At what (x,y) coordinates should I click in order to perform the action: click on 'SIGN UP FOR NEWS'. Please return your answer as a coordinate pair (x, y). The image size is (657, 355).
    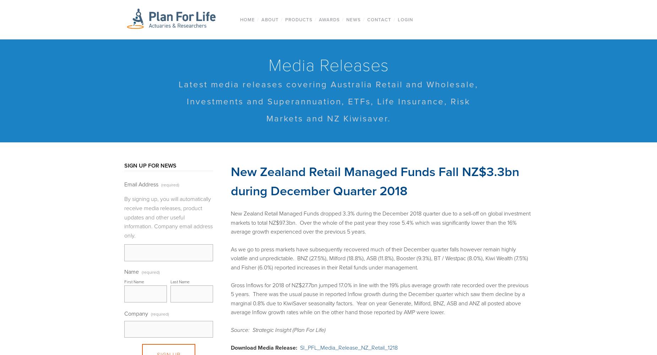
    Looking at the image, I should click on (124, 165).